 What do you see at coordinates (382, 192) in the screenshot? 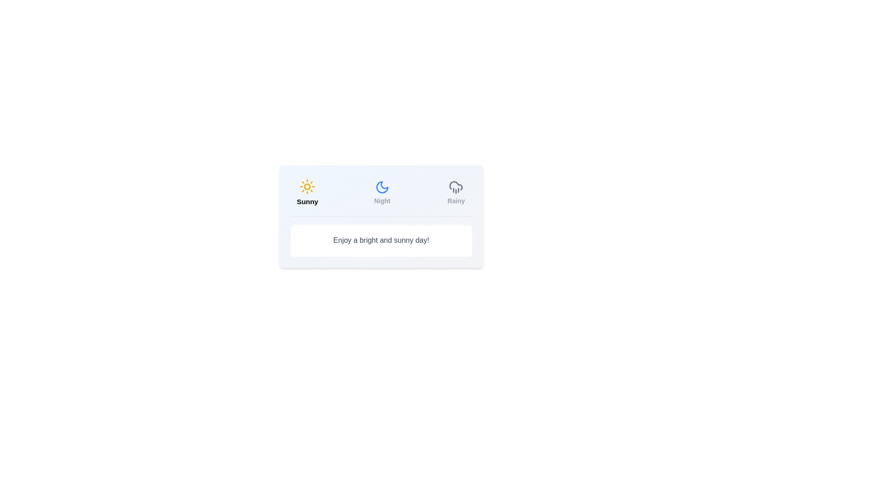
I see `the Night tab by clicking on its respective button` at bounding box center [382, 192].